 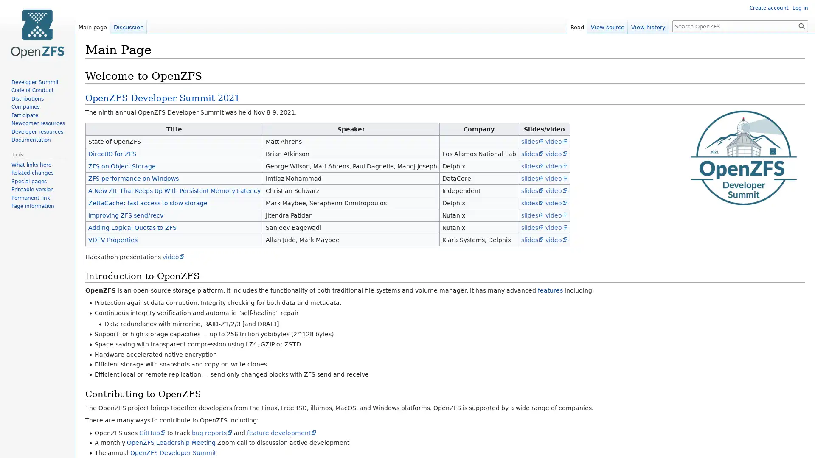 What do you see at coordinates (801, 25) in the screenshot?
I see `Go` at bounding box center [801, 25].